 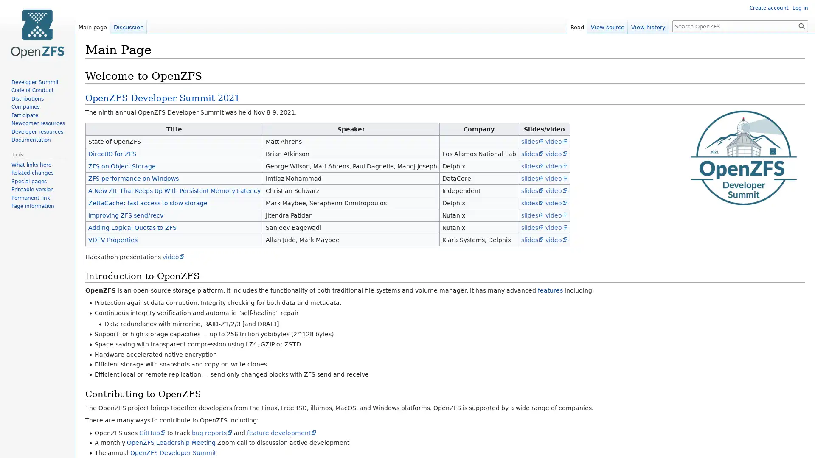 What do you see at coordinates (801, 25) in the screenshot?
I see `Go` at bounding box center [801, 25].